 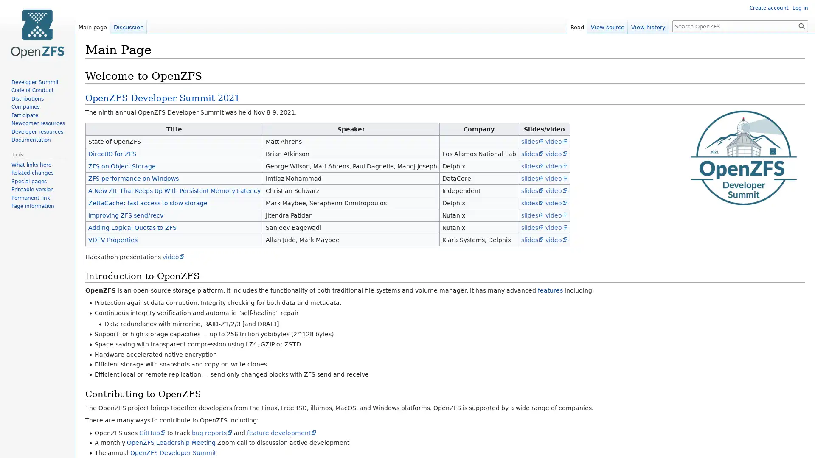 What do you see at coordinates (801, 25) in the screenshot?
I see `Go` at bounding box center [801, 25].